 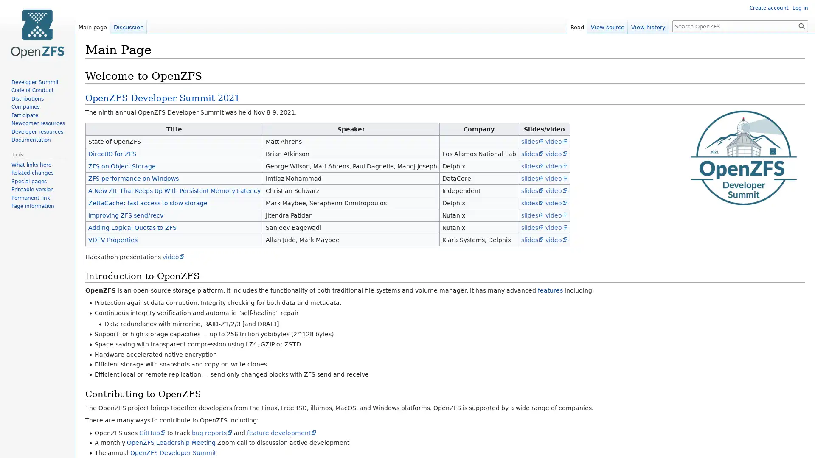 What do you see at coordinates (801, 25) in the screenshot?
I see `Go` at bounding box center [801, 25].